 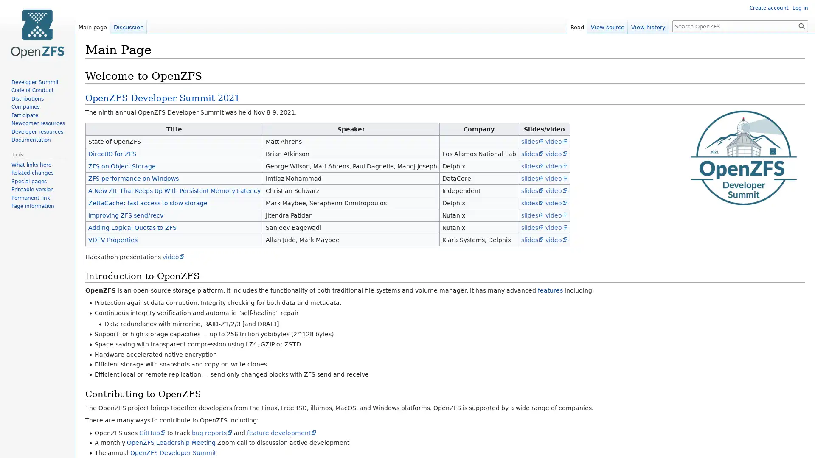 What do you see at coordinates (801, 25) in the screenshot?
I see `Go` at bounding box center [801, 25].